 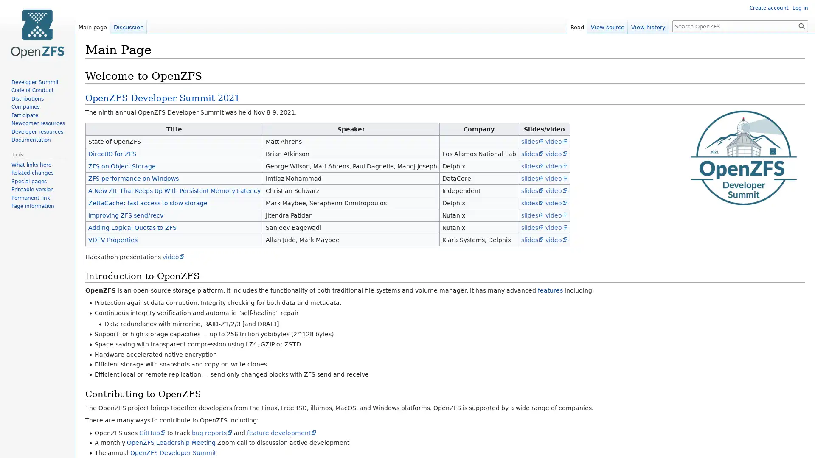 What do you see at coordinates (801, 25) in the screenshot?
I see `Go` at bounding box center [801, 25].